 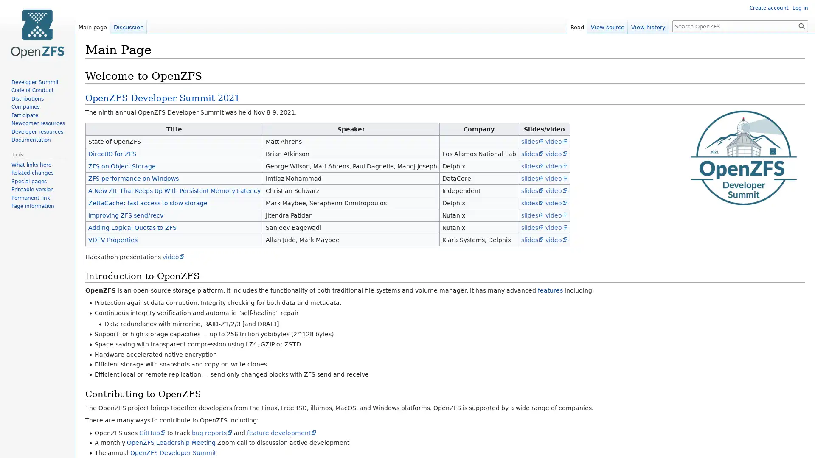 What do you see at coordinates (801, 25) in the screenshot?
I see `Go` at bounding box center [801, 25].